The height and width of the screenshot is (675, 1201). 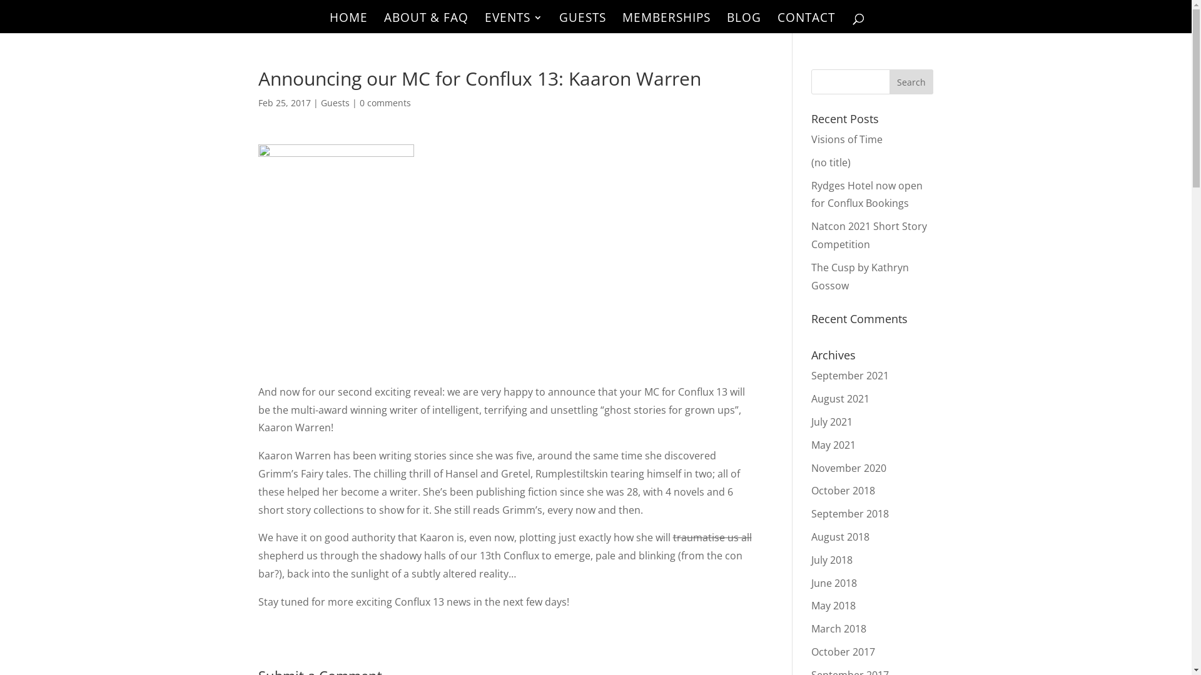 What do you see at coordinates (849, 513) in the screenshot?
I see `'September 2018'` at bounding box center [849, 513].